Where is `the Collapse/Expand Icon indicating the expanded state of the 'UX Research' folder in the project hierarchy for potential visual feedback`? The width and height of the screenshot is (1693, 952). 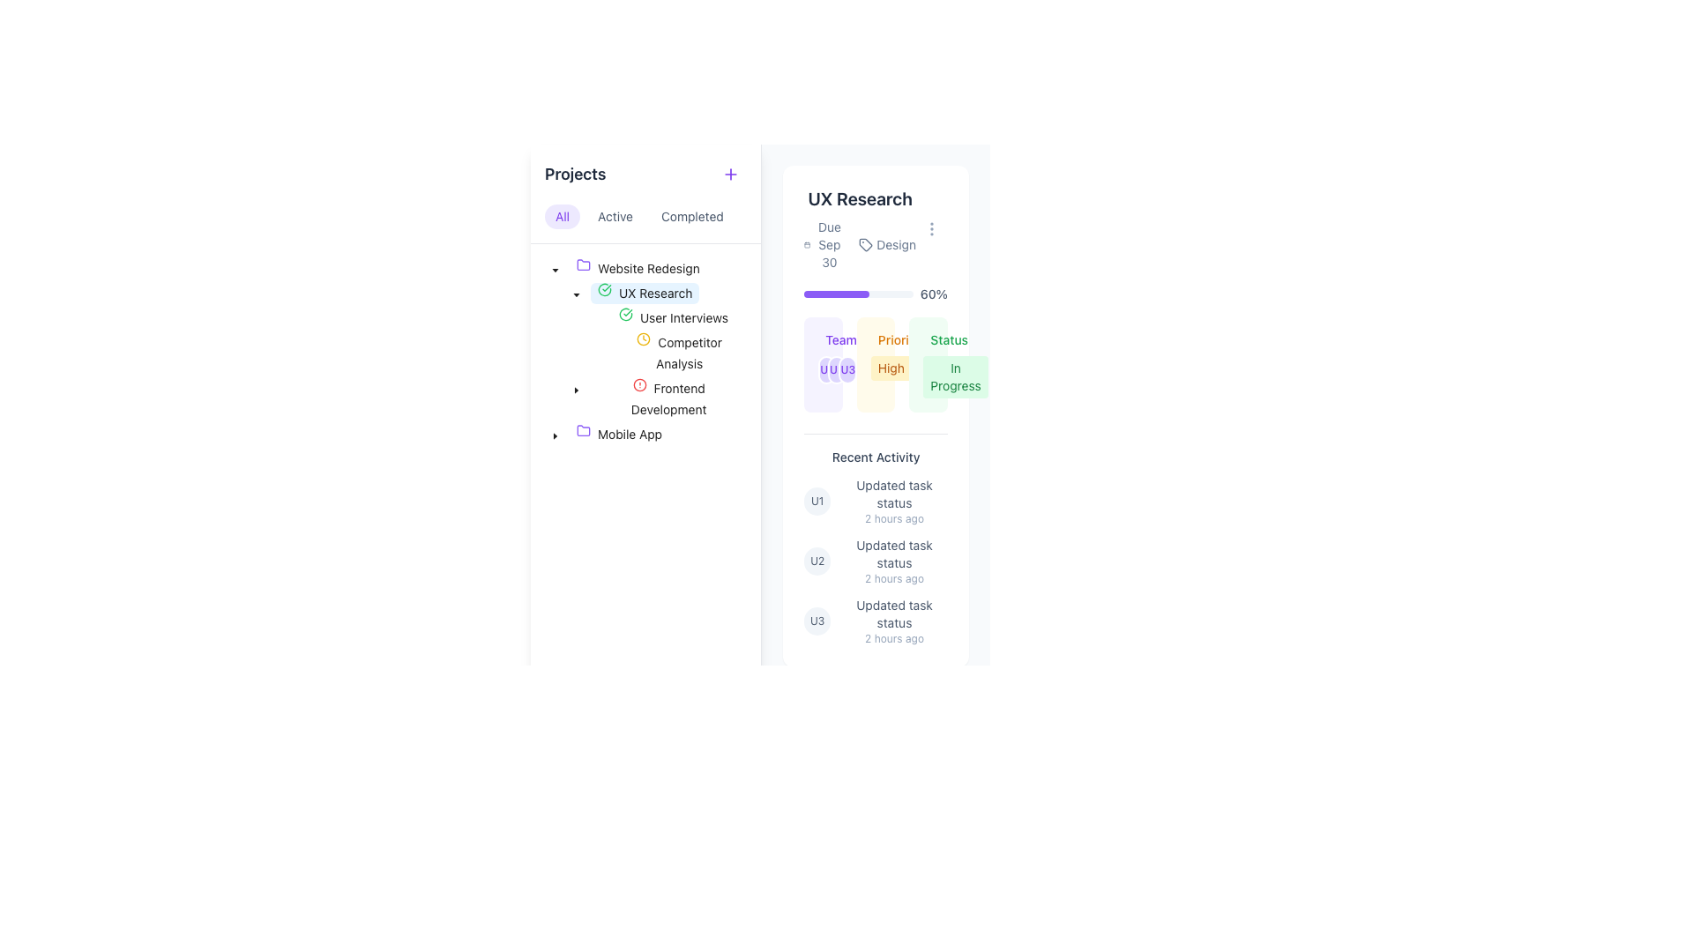 the Collapse/Expand Icon indicating the expanded state of the 'UX Research' folder in the project hierarchy for potential visual feedback is located at coordinates (576, 294).